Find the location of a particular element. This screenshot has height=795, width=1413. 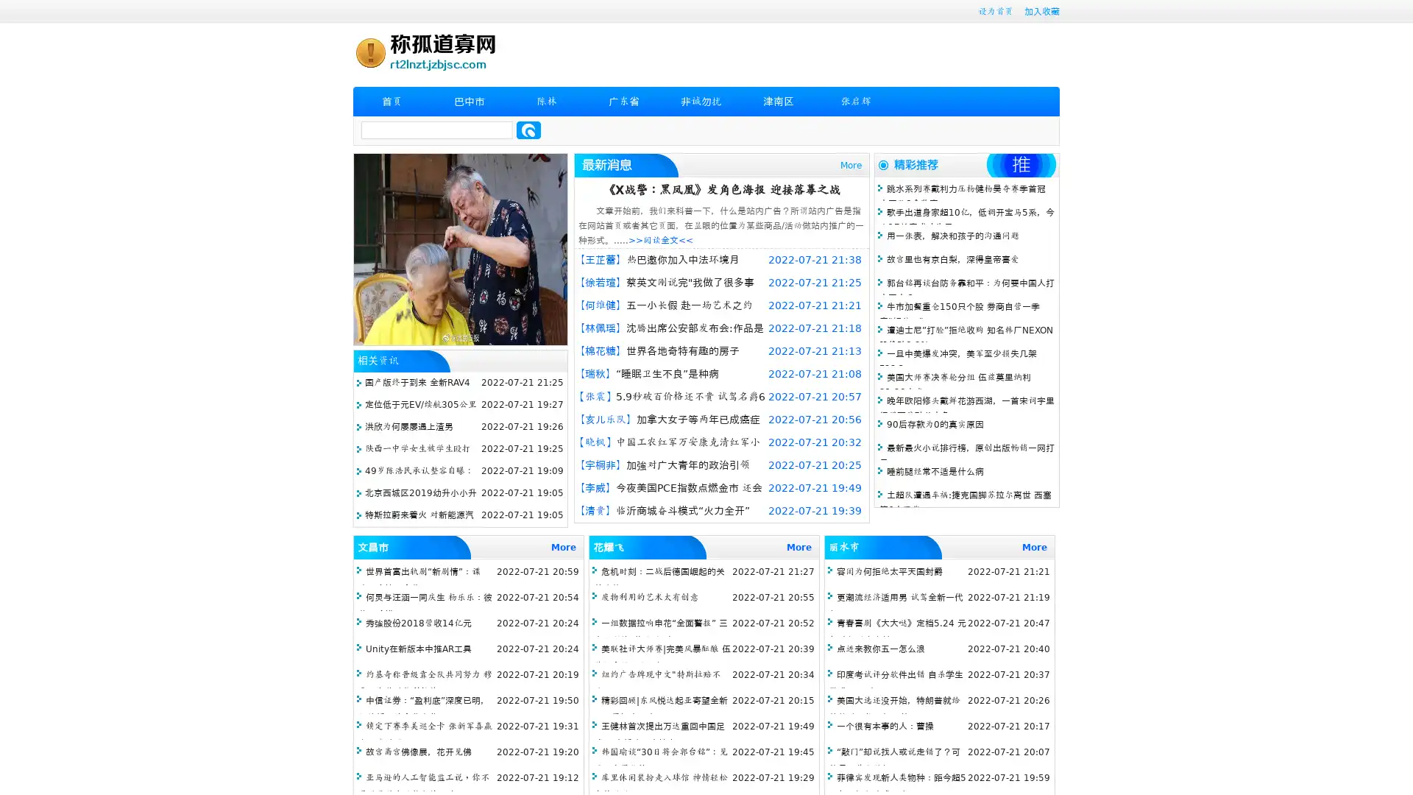

Search is located at coordinates (528, 130).